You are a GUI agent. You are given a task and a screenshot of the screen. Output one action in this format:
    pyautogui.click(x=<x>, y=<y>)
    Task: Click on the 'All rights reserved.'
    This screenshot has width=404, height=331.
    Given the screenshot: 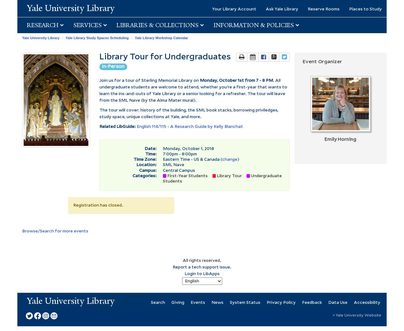 What is the action you would take?
    pyautogui.click(x=202, y=260)
    